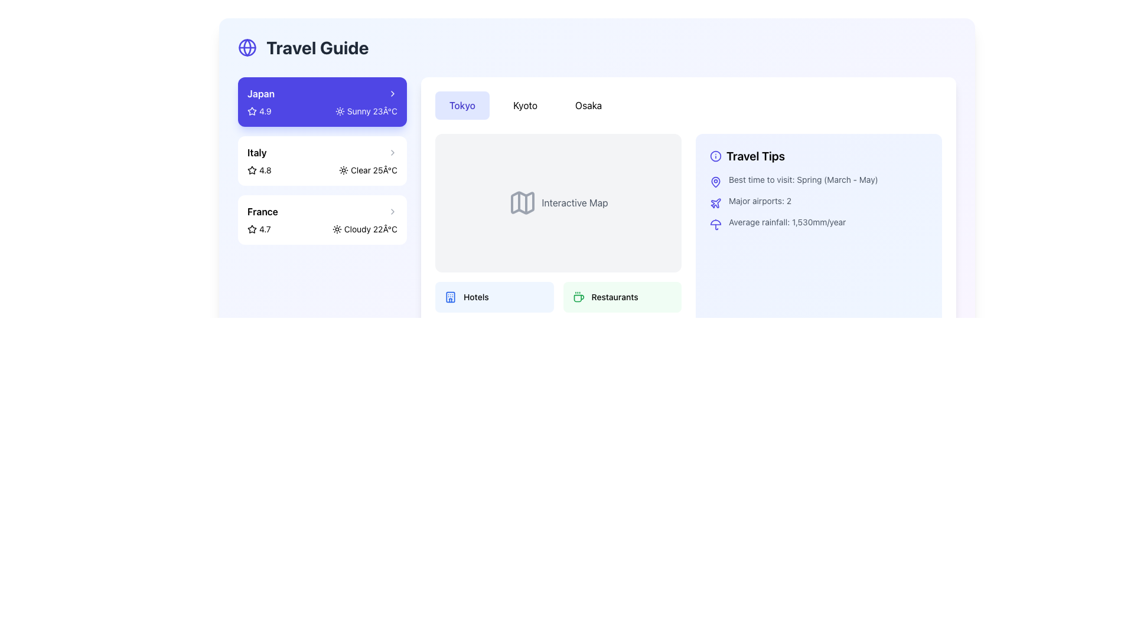 Image resolution: width=1134 pixels, height=637 pixels. Describe the element at coordinates (818, 223) in the screenshot. I see `information displayed in the text block that shows 'Average rainfall: 1,530mm/year' with an indigo umbrella icon to its left, located in the 'Travel Tips' section` at that location.